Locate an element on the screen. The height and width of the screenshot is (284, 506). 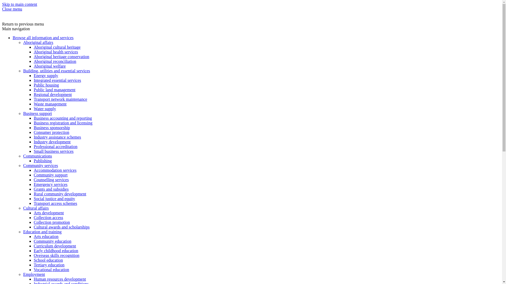
'Publishing' is located at coordinates (43, 160).